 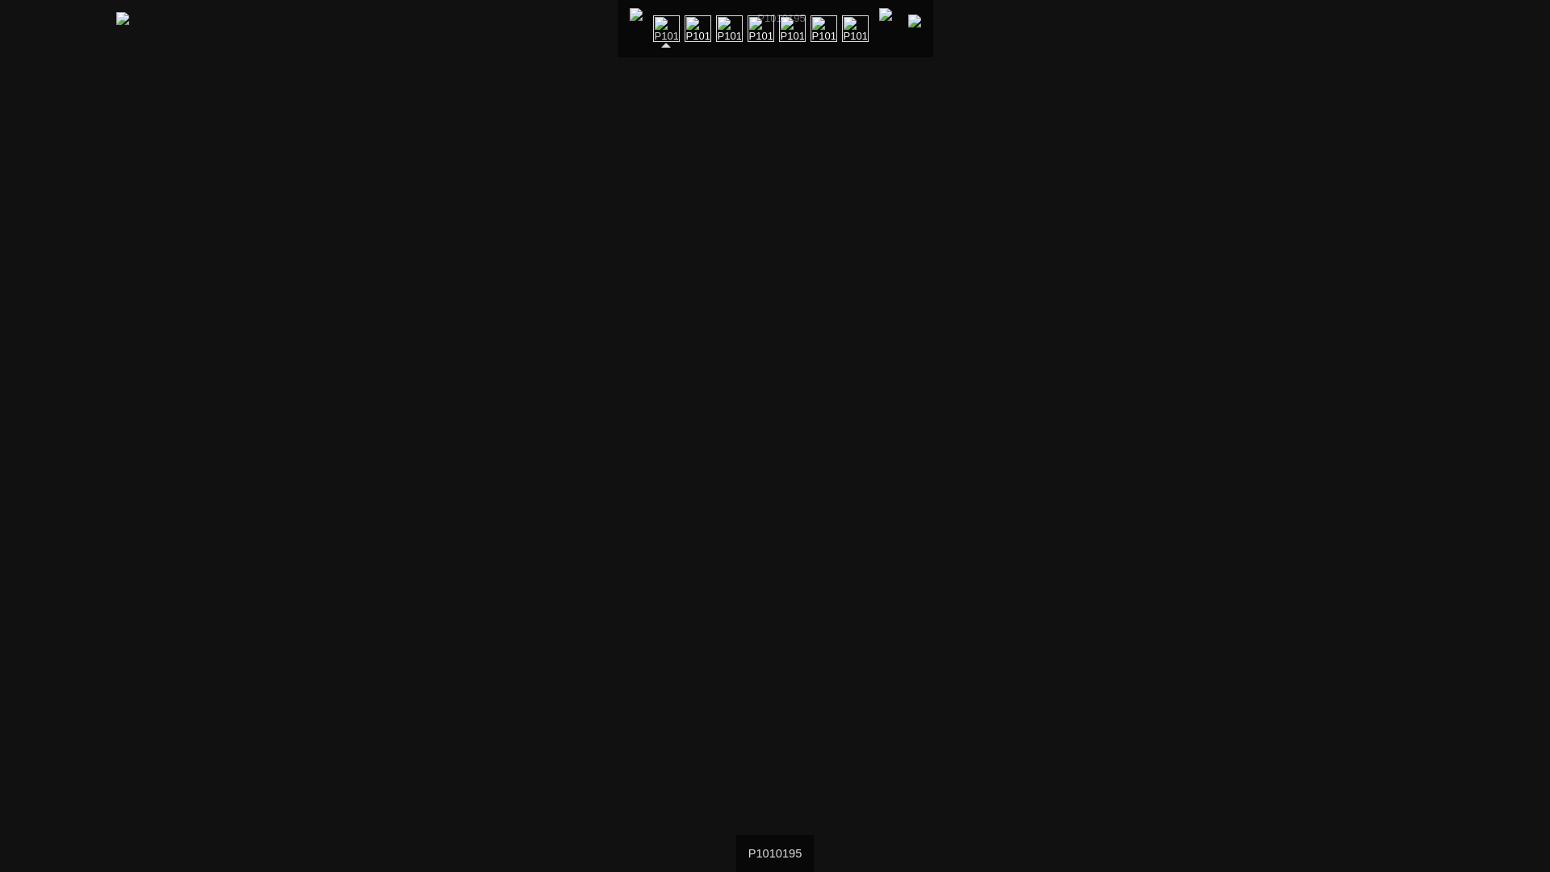 I want to click on 'To index page', so click(x=635, y=28).